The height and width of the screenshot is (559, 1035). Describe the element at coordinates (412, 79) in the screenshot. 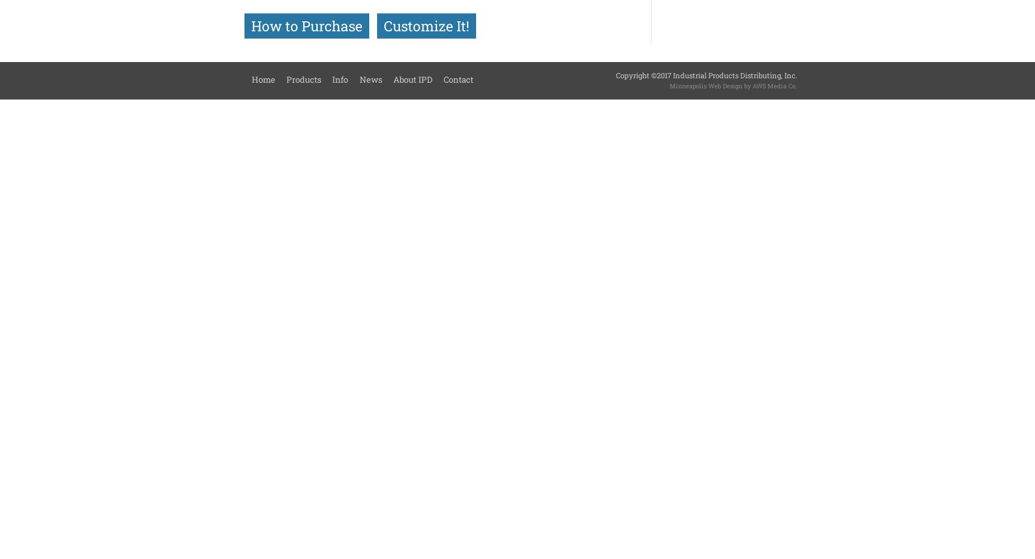

I see `'About IPD'` at that location.